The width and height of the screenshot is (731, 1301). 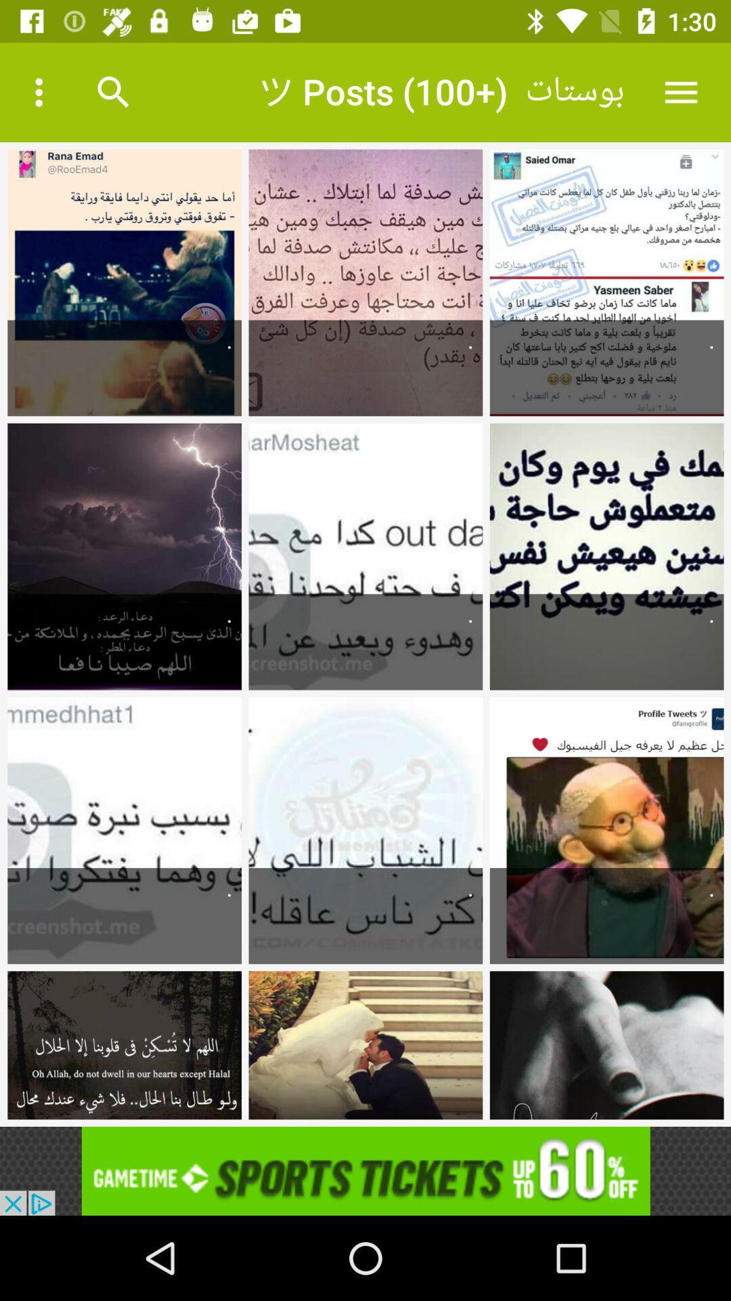 I want to click on details about advertisement, so click(x=365, y=1170).